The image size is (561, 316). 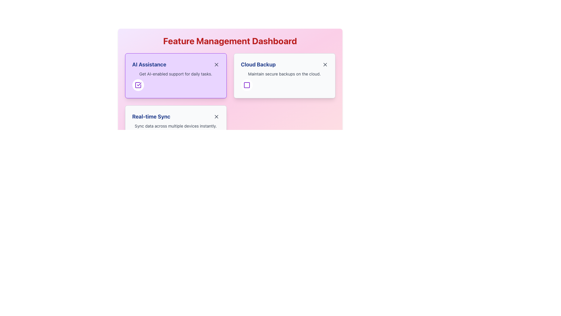 I want to click on the interactive button in the bottom left of the 'Cloud Backup' feature card, so click(x=247, y=85).